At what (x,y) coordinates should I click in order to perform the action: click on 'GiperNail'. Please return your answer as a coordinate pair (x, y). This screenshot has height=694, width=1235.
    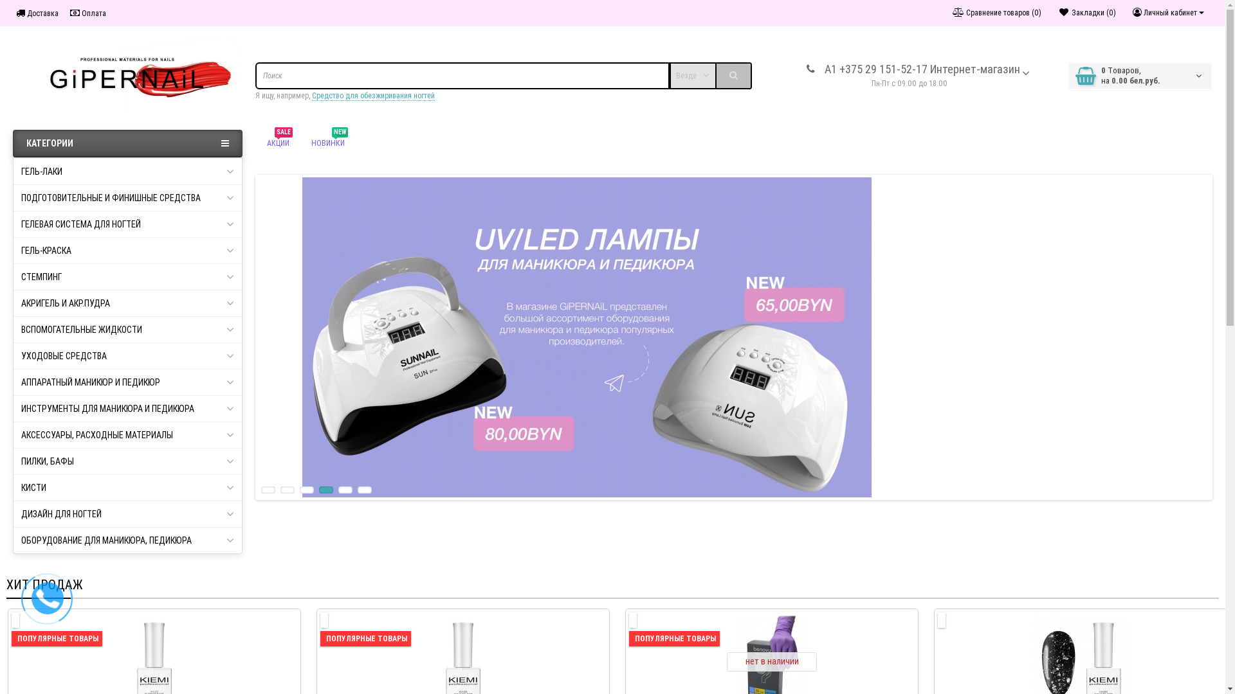
    Looking at the image, I should click on (127, 75).